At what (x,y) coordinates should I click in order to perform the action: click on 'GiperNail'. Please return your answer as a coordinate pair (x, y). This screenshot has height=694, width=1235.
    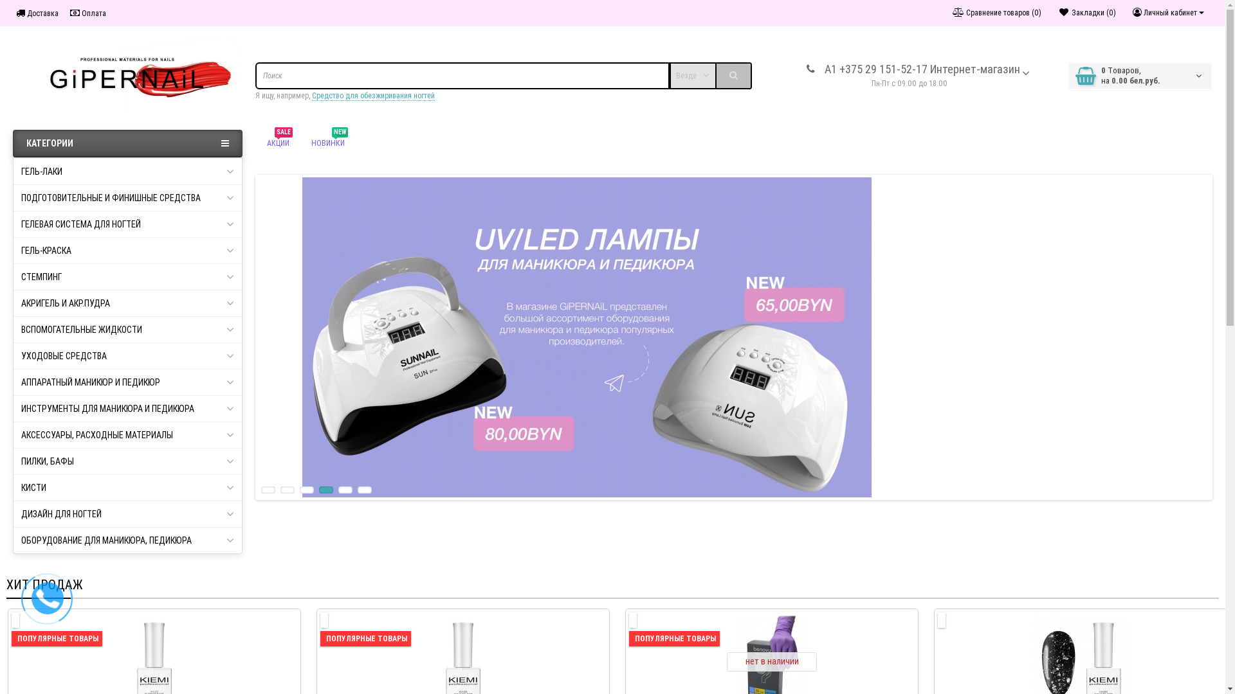
    Looking at the image, I should click on (127, 75).